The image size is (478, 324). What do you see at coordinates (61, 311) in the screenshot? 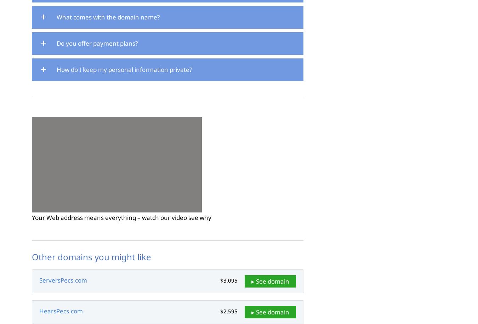
I see `'HearsPecs.com'` at bounding box center [61, 311].